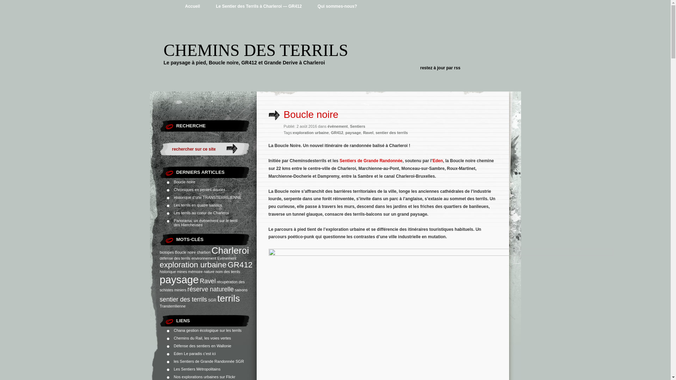 Image resolution: width=676 pixels, height=380 pixels. Describe the element at coordinates (174, 213) in the screenshot. I see `'Les terrils au coeur de Charleroi'` at that location.